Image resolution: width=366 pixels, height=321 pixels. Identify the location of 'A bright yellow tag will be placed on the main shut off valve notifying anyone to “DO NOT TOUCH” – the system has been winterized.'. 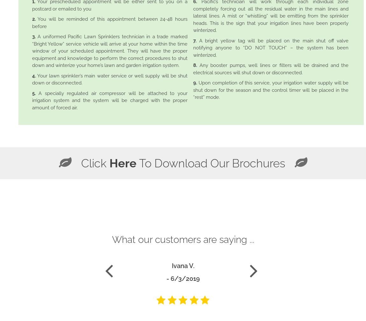
(270, 47).